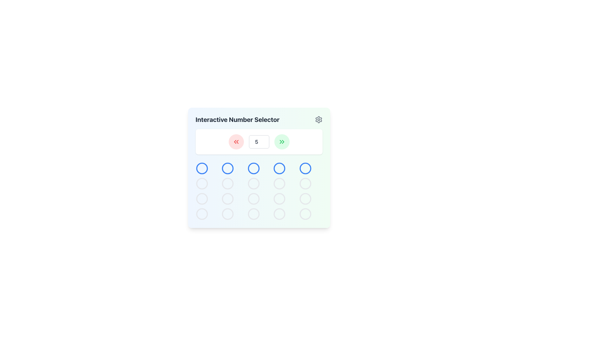 This screenshot has width=609, height=342. Describe the element at coordinates (259, 167) in the screenshot. I see `the interactive circle button with a blue outline located in the second row and third column of the grid` at that location.